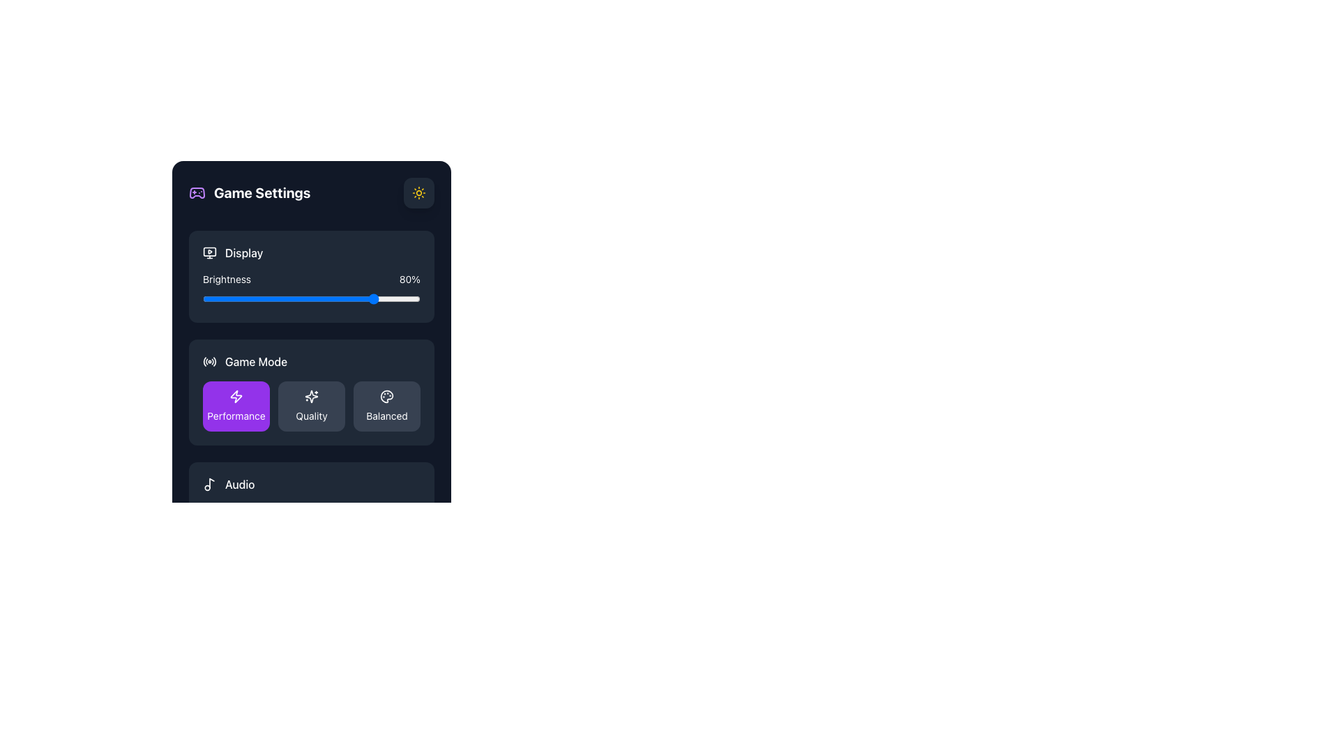 Image resolution: width=1339 pixels, height=753 pixels. What do you see at coordinates (197, 193) in the screenshot?
I see `the central body of the gamepad icon located in the 'Game Settings' panel, near the top-left corner next to the 'Game Settings' title` at bounding box center [197, 193].